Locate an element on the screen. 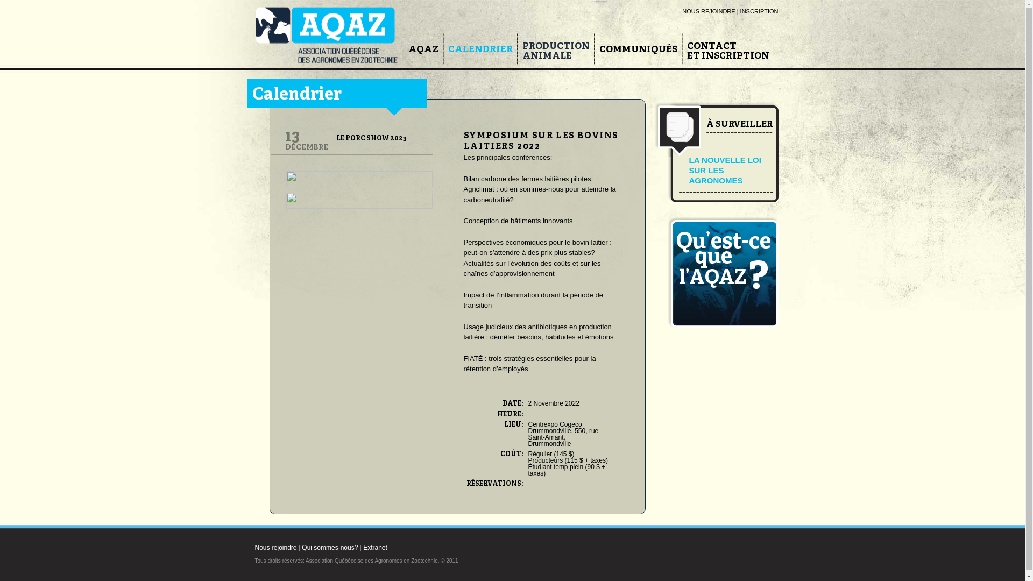 The image size is (1033, 581). 'NOUS REJOINDRE | INSCRIPTION' is located at coordinates (730, 11).